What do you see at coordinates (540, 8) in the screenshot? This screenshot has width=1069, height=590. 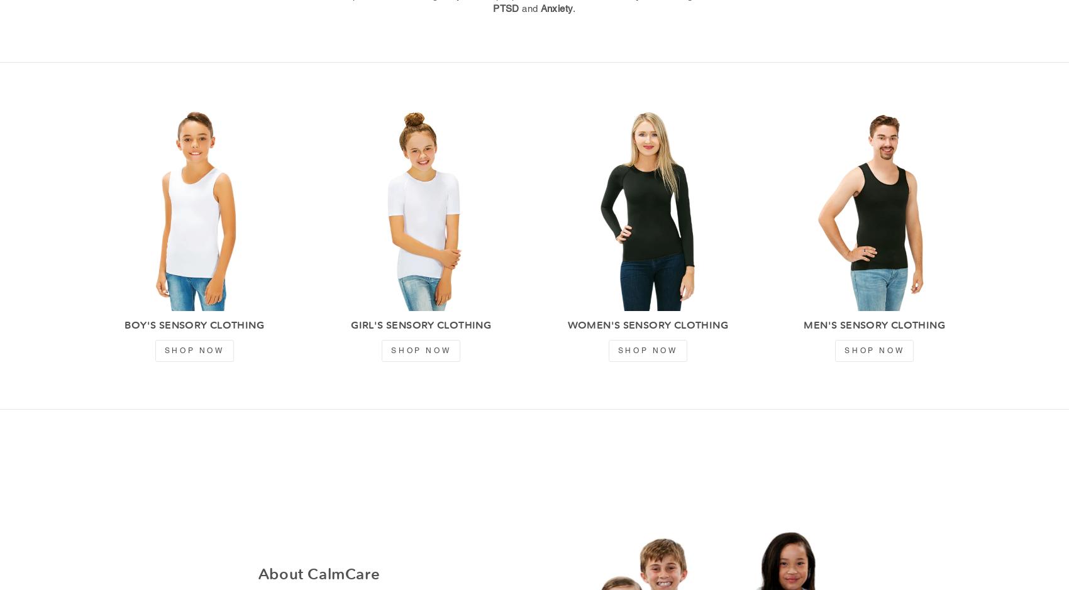 I see `'Anxiety'` at bounding box center [540, 8].